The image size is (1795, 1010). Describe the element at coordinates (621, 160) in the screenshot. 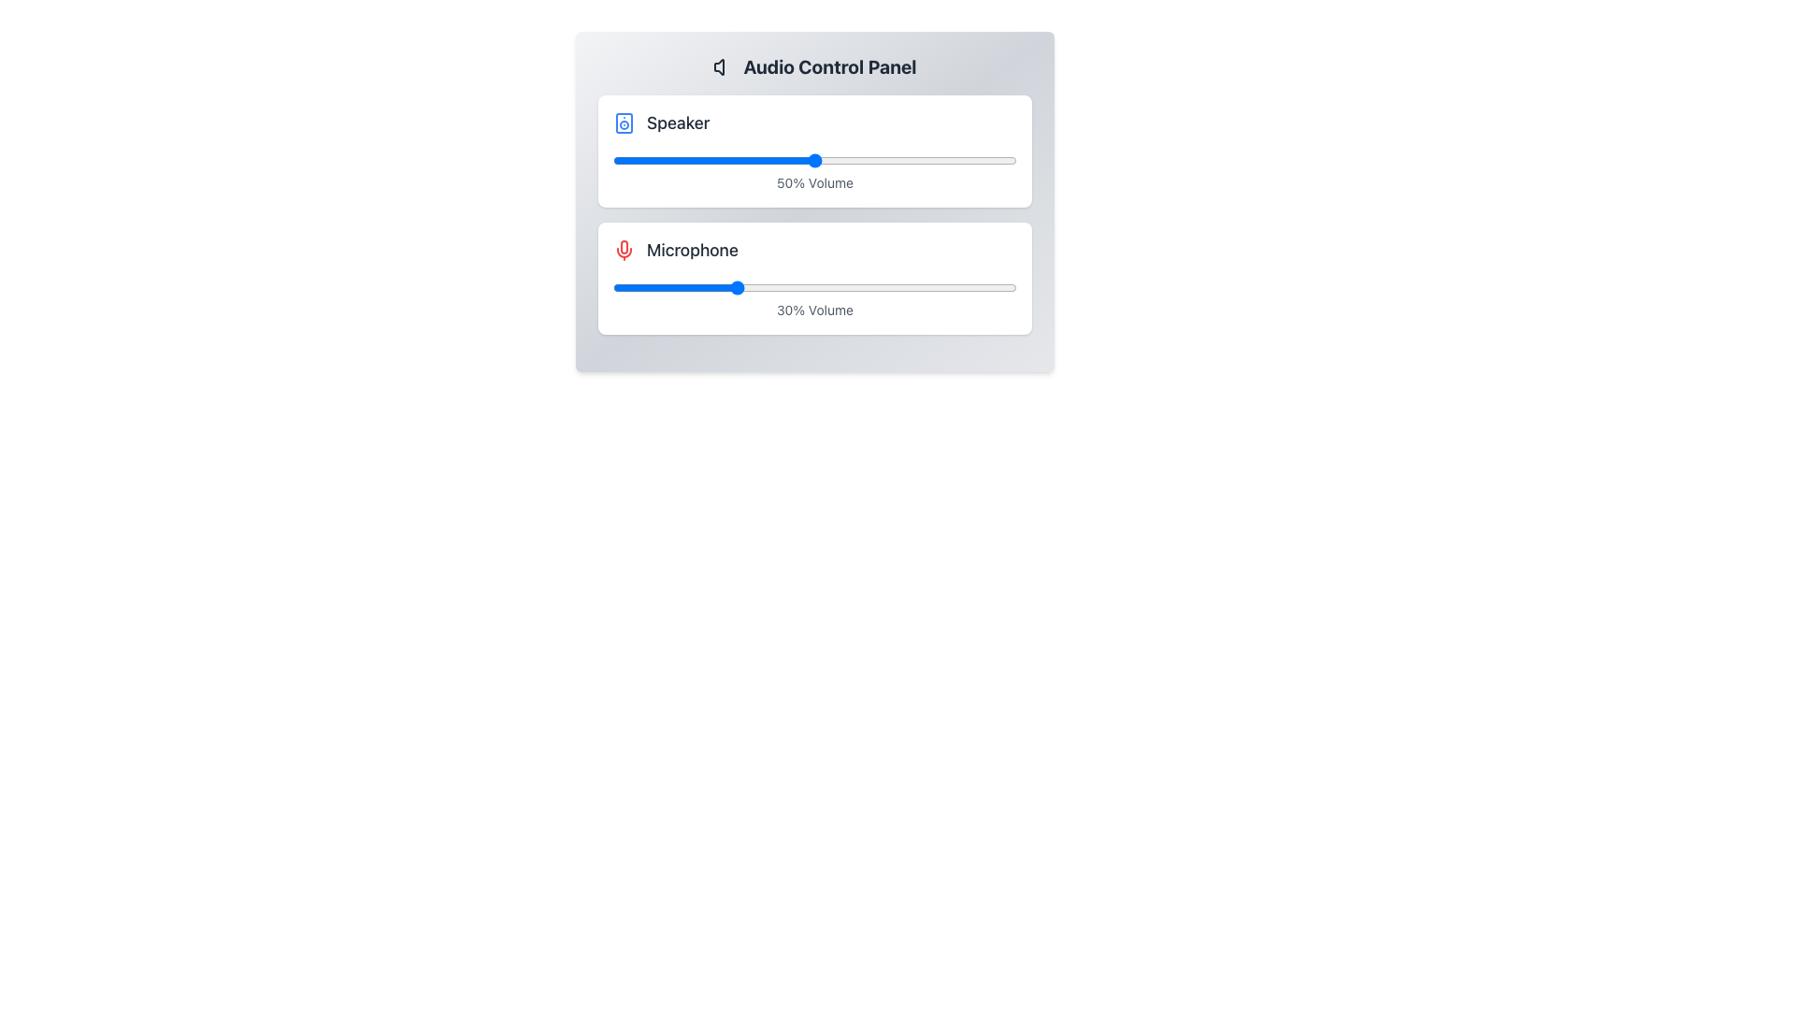

I see `the slider value` at that location.